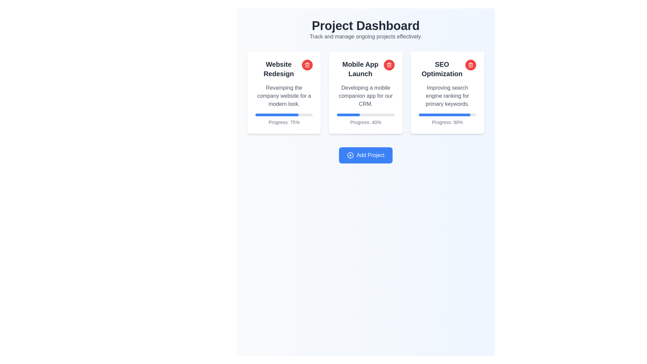 The height and width of the screenshot is (364, 647). I want to click on the label displaying 'Progress: 40%' located within the 'Mobile App Launch' card, positioned below the progress bar, so click(365, 122).